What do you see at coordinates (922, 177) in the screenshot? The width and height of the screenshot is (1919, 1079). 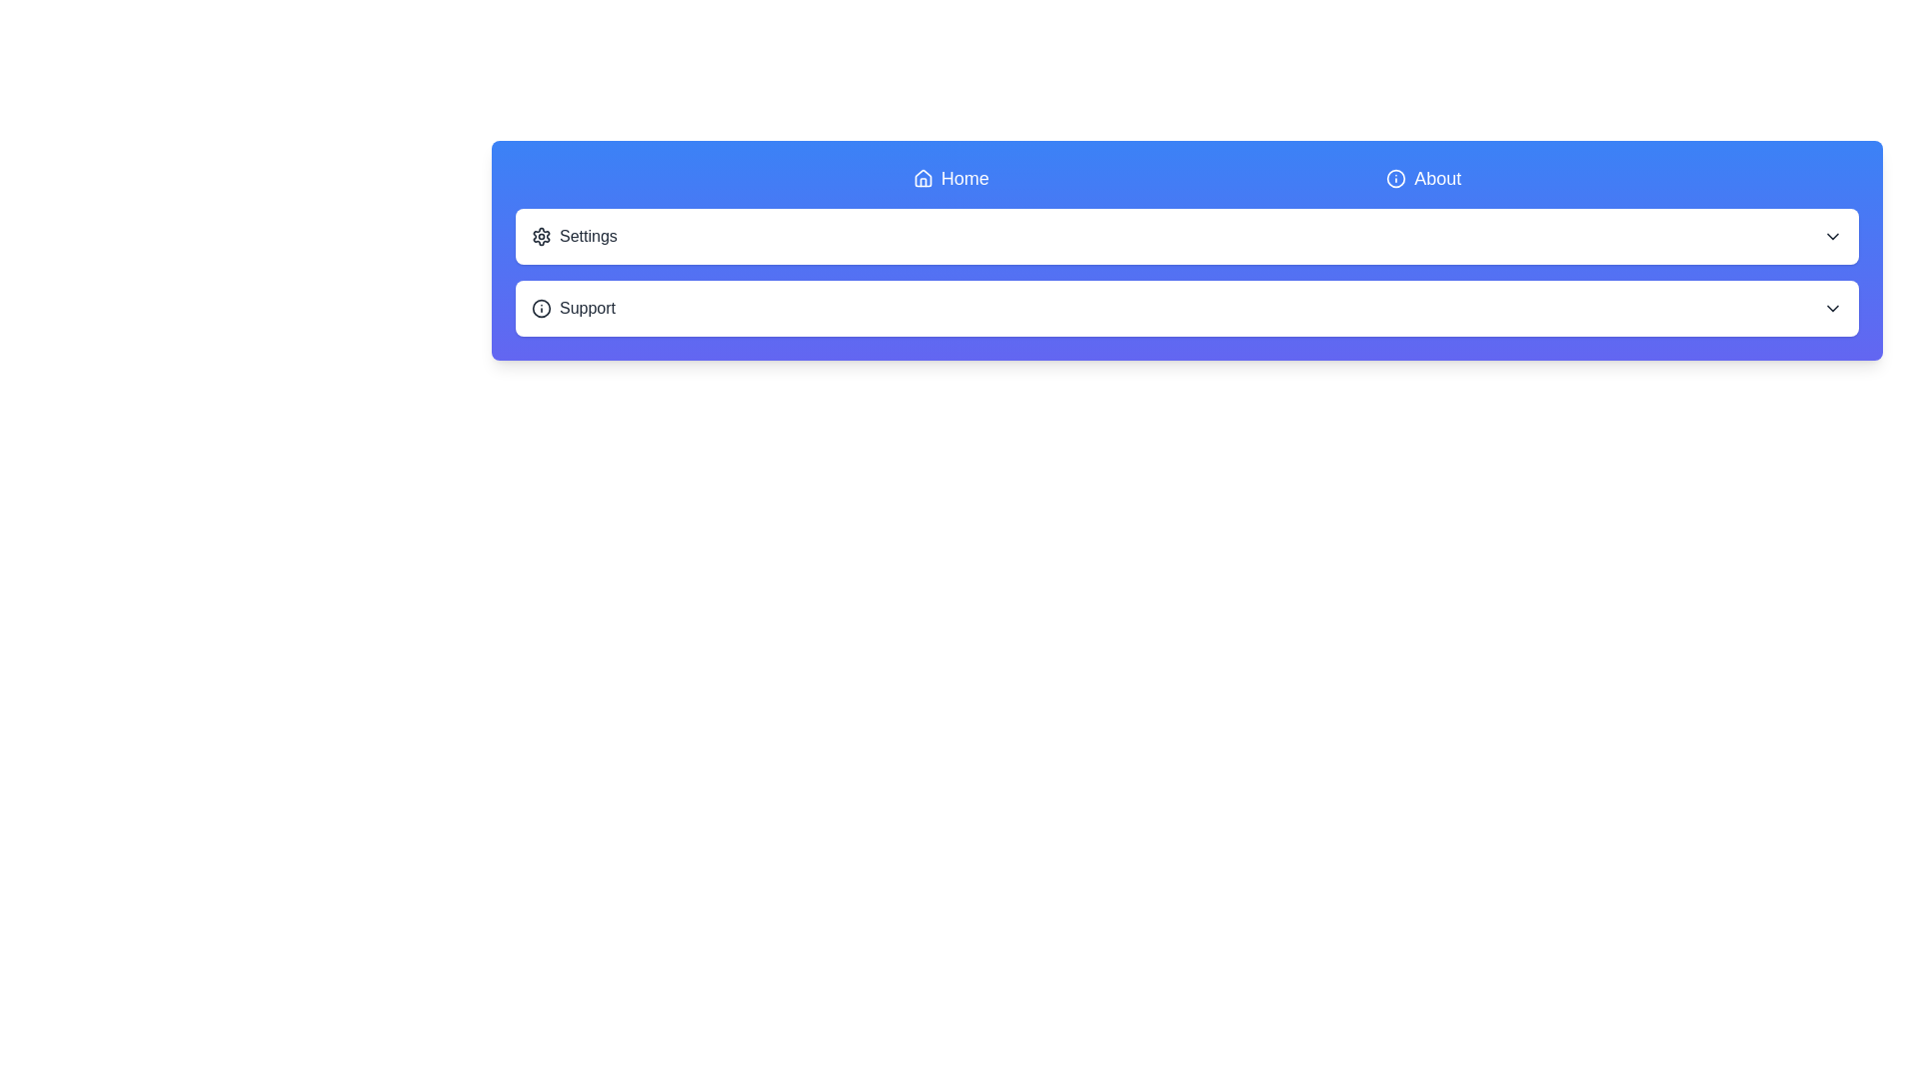 I see `the house-shaped icon in the navigation header bar, which represents the 'Home' option` at bounding box center [922, 177].